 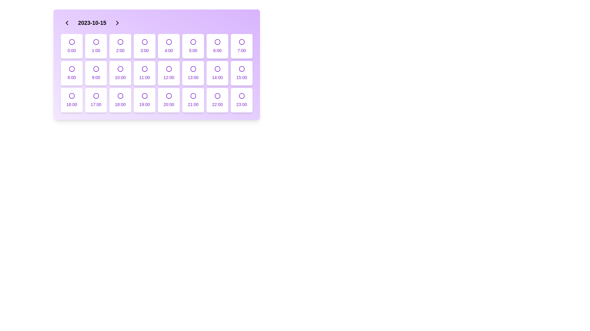 What do you see at coordinates (120, 96) in the screenshot?
I see `the interactive circular marker indicating the time slot '18:00' located in the sixth column of the third row of the calendar interface` at bounding box center [120, 96].